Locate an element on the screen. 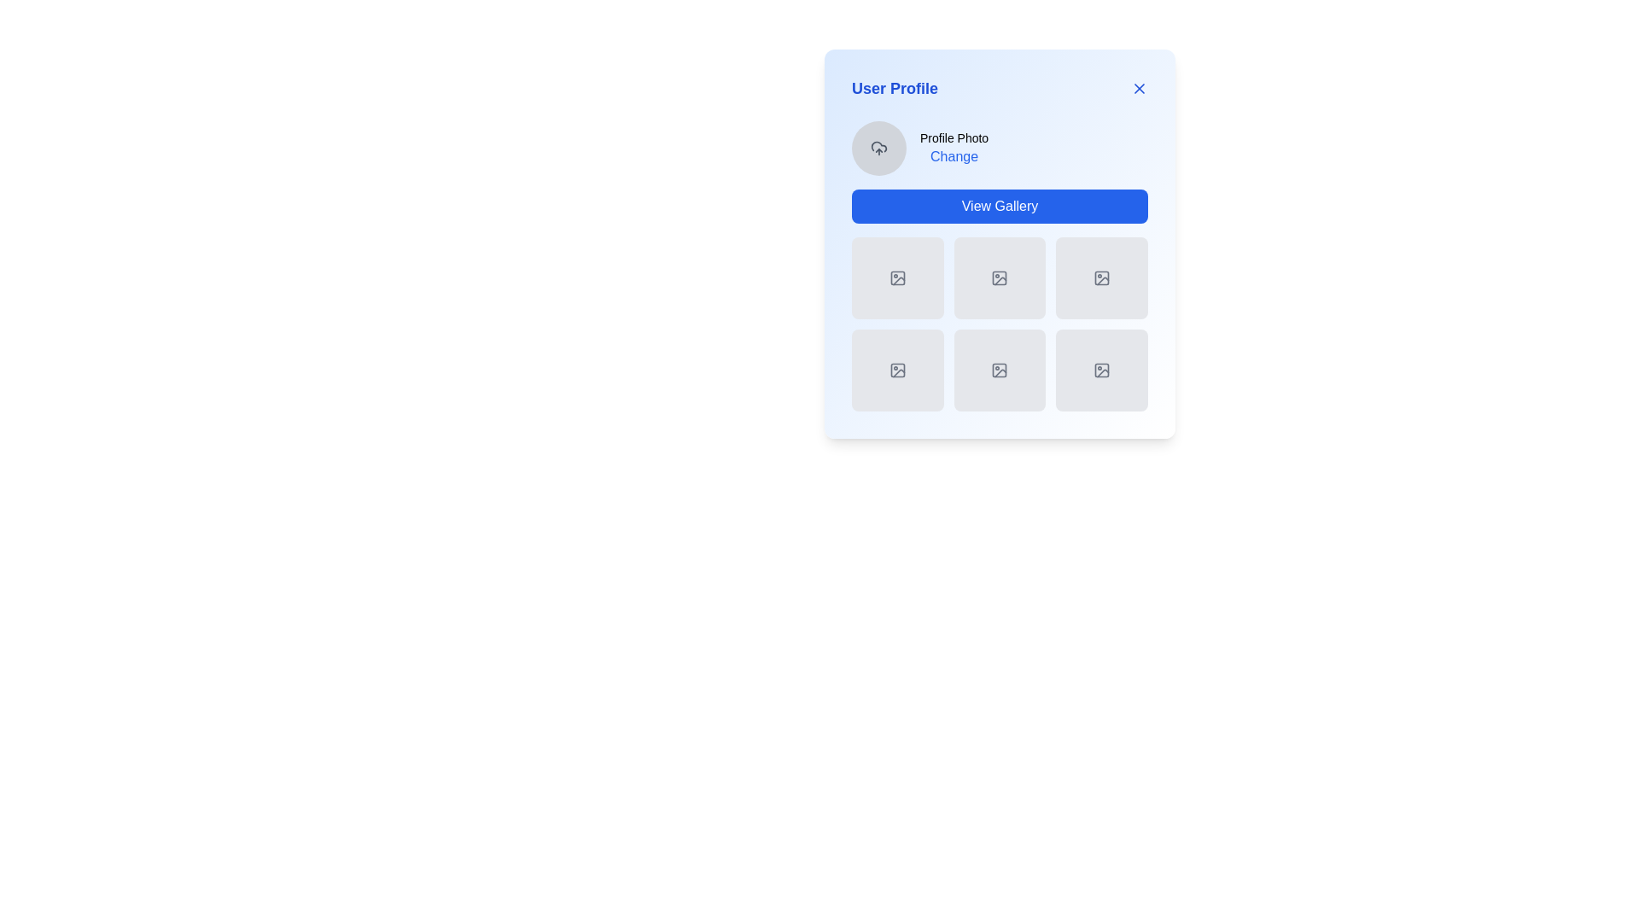 Image resolution: width=1639 pixels, height=922 pixels. an item into one of the grey rectangular boxes in the grid layout below the 'View Gallery' button in the 'User Profile' modal is located at coordinates (1000, 324).